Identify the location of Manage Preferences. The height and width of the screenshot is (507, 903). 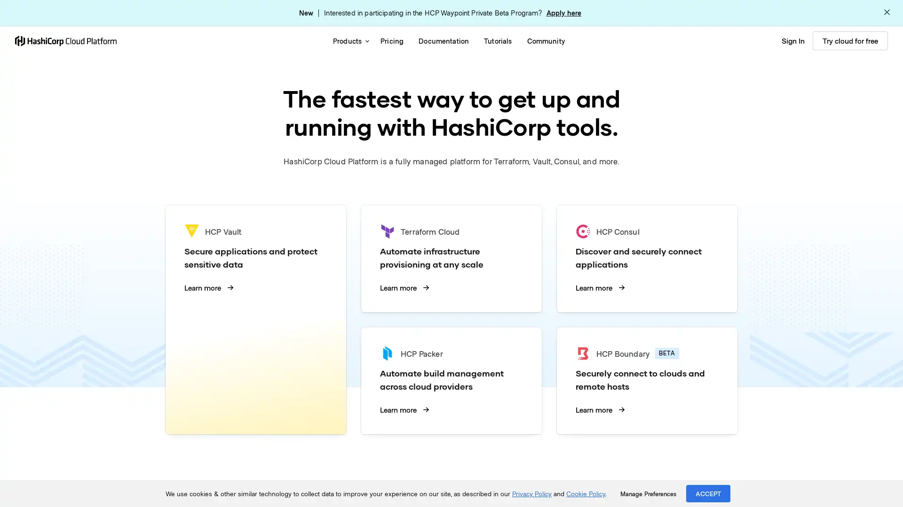
(648, 493).